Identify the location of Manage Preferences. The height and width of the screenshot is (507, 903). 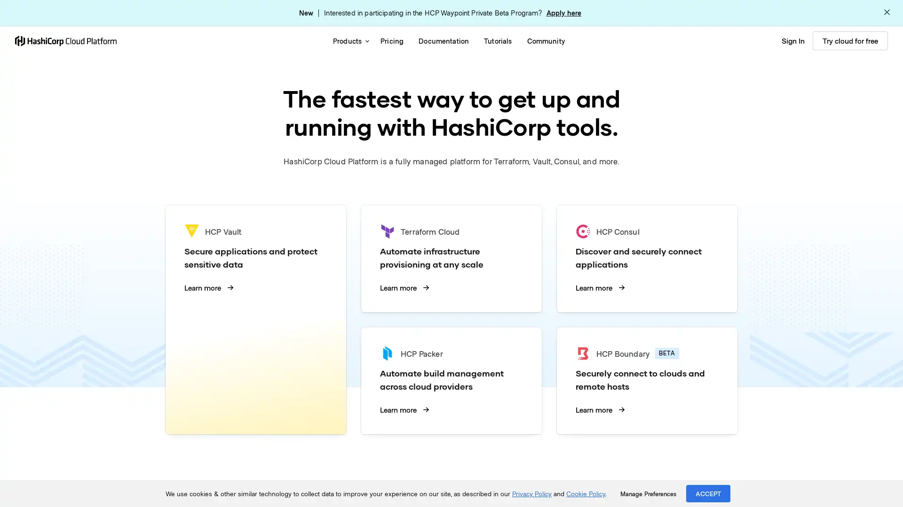
(648, 493).